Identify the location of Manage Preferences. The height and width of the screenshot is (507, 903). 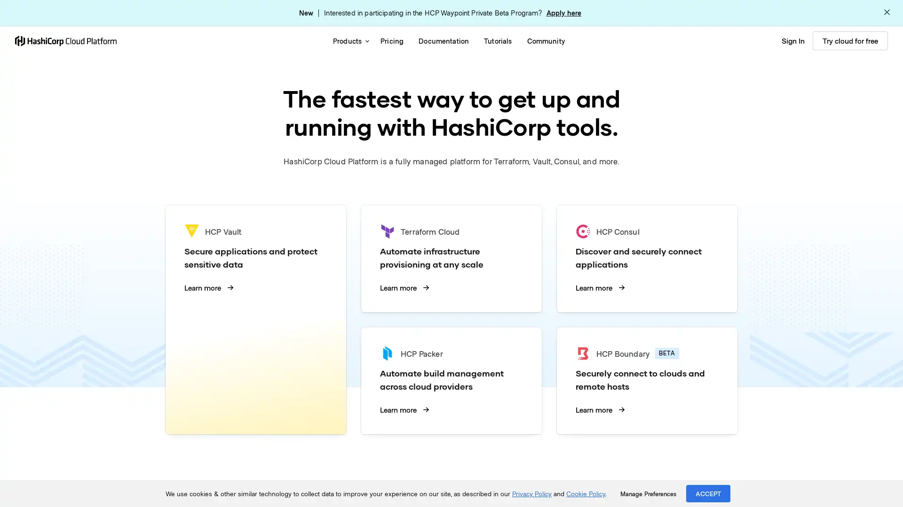
(648, 493).